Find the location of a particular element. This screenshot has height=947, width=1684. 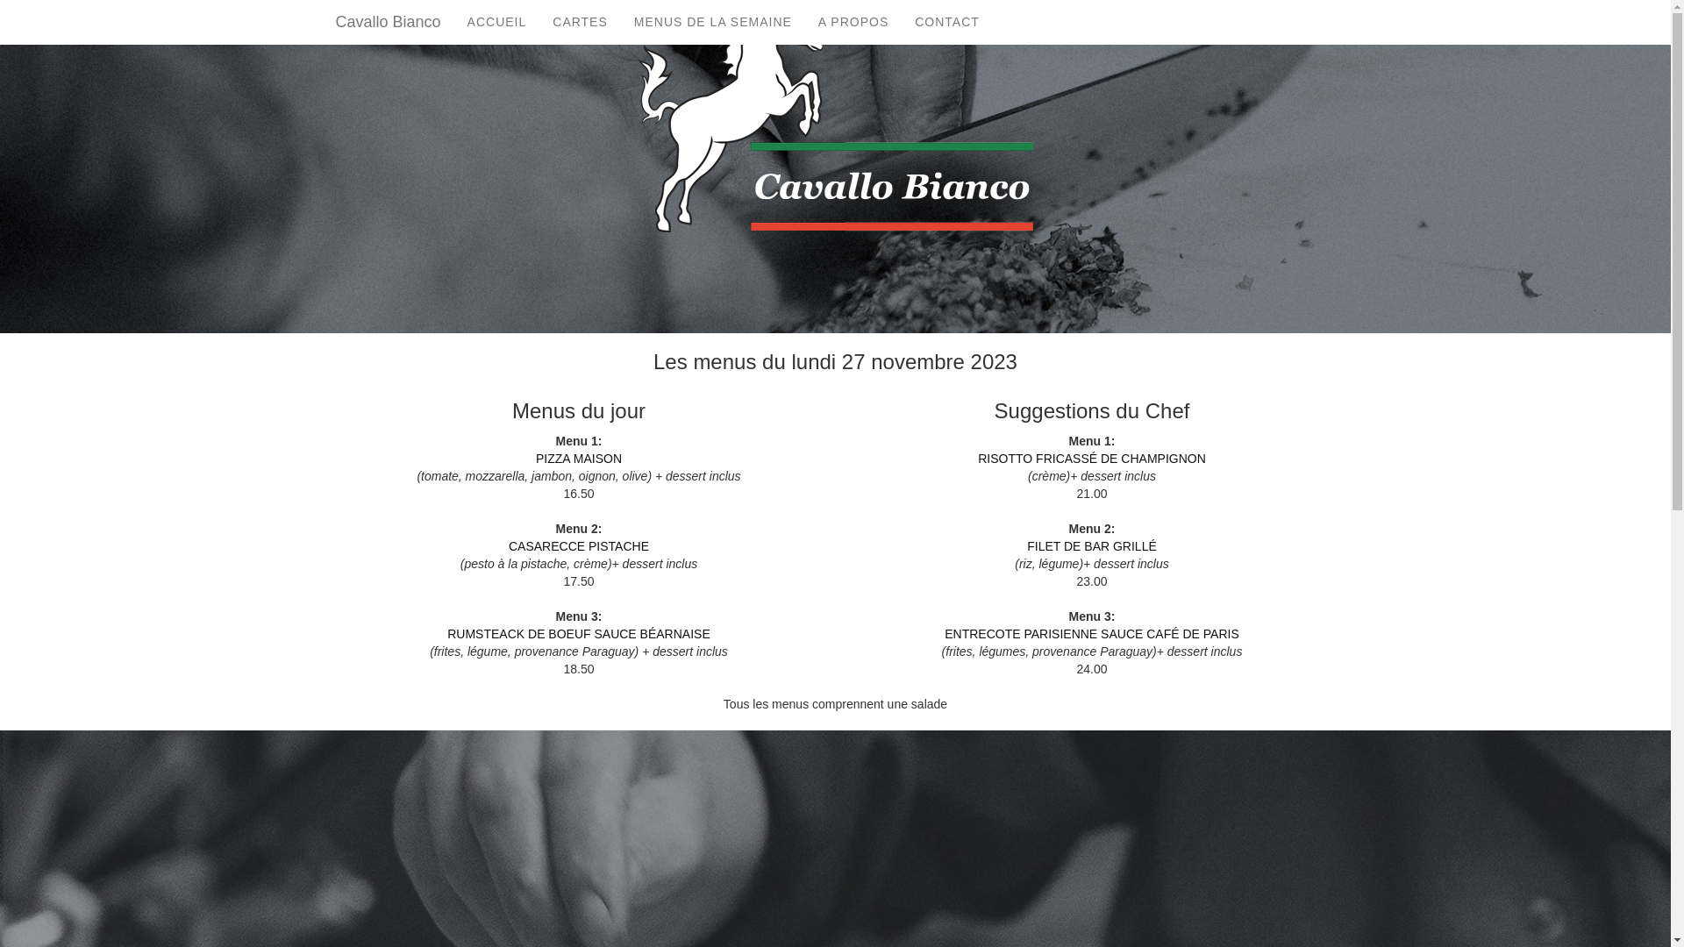

'CARTES' is located at coordinates (580, 21).